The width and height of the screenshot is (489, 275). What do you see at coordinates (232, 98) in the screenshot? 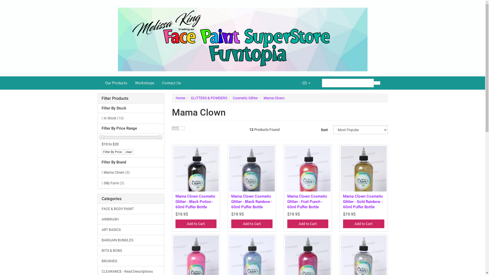
I see `'Cosmetic Glitter'` at bounding box center [232, 98].